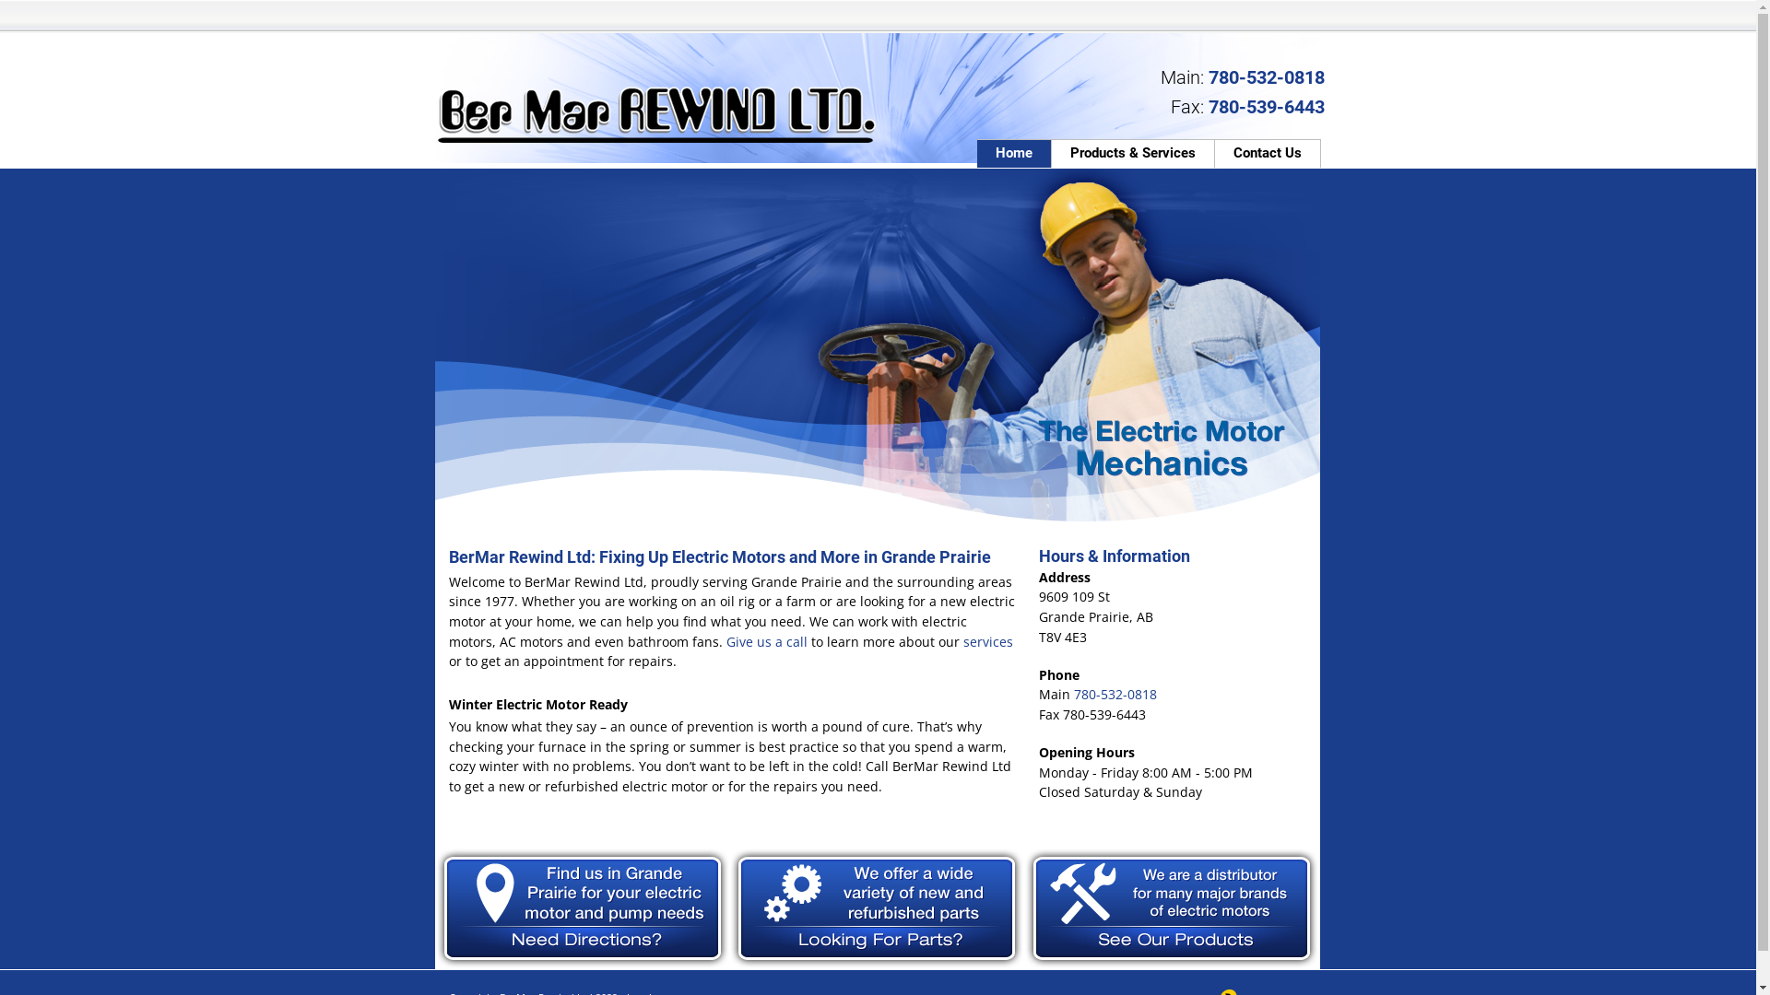 This screenshot has width=1770, height=995. I want to click on 'Give us a call', so click(765, 640).